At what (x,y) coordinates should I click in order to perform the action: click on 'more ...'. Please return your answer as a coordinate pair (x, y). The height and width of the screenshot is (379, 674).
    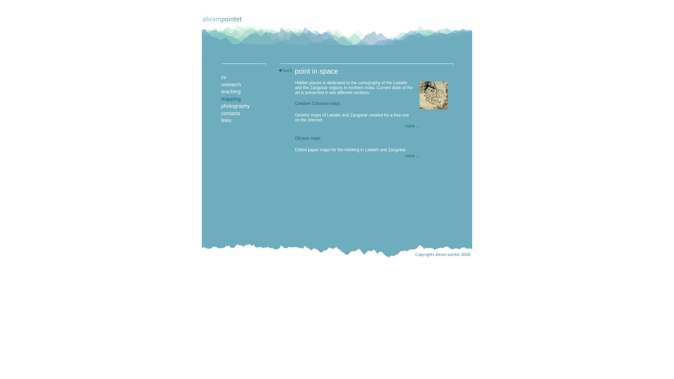
    Looking at the image, I should click on (412, 125).